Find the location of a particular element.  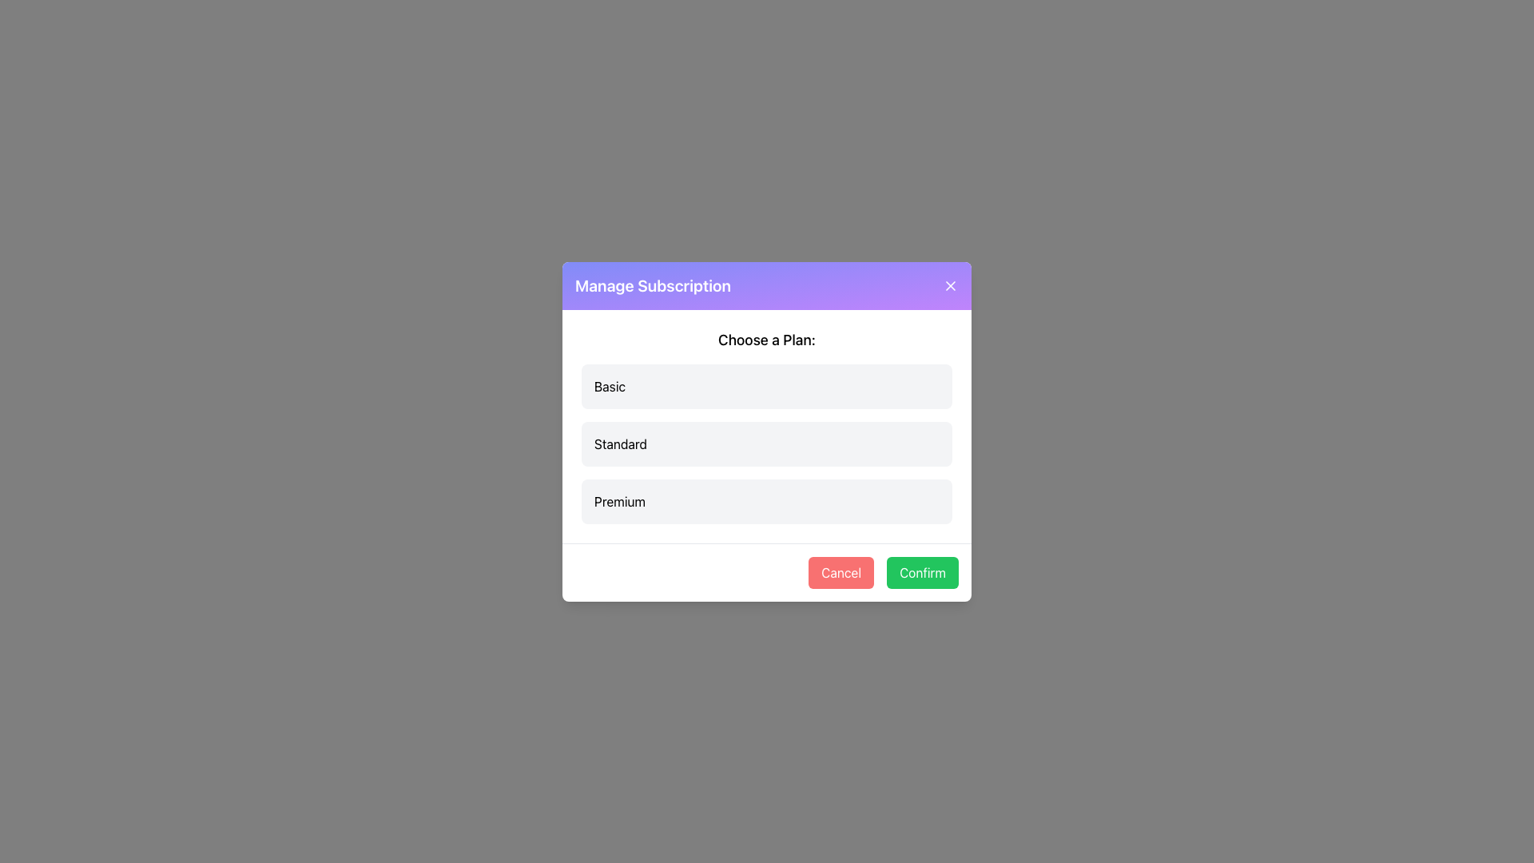

the second button labeled 'Standard' to confirm the selection of the Standard plan is located at coordinates (767, 443).